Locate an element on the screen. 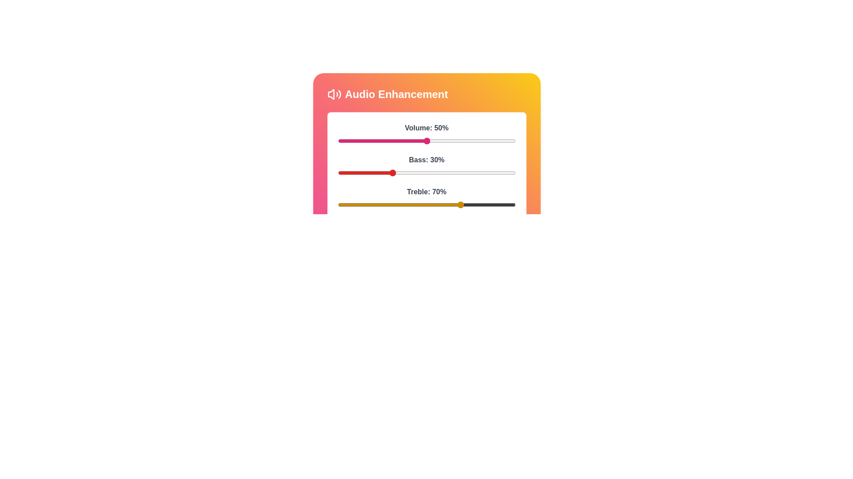  the slider for 'Bass: 30%' is located at coordinates (426, 167).